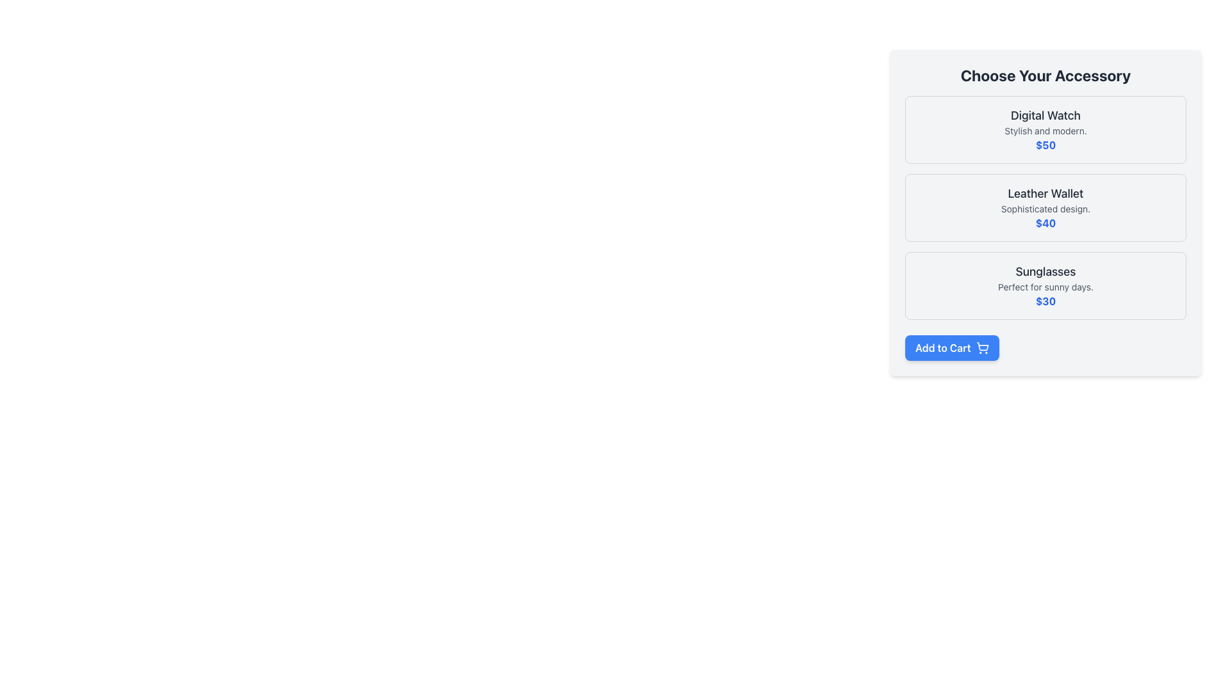 This screenshot has height=691, width=1230. Describe the element at coordinates (1045, 286) in the screenshot. I see `the text element displaying 'Perfect for sunny days.' which is located beneath the 'Sunglasses' text and above the price '$30'` at that location.